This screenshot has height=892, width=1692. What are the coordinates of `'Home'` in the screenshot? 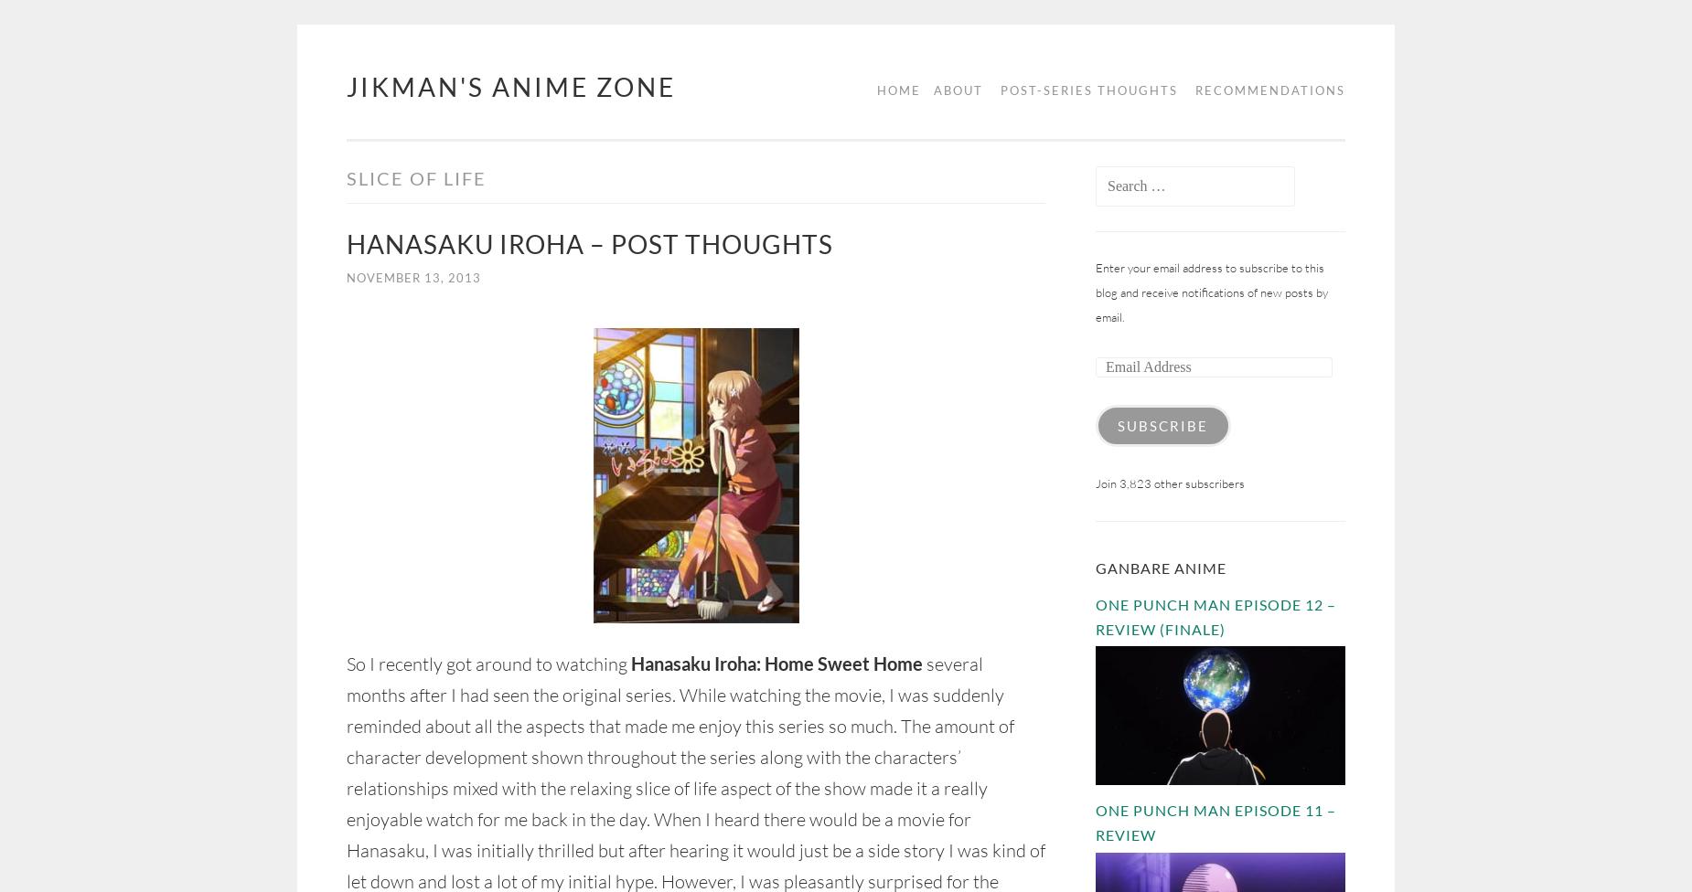 It's located at (898, 90).